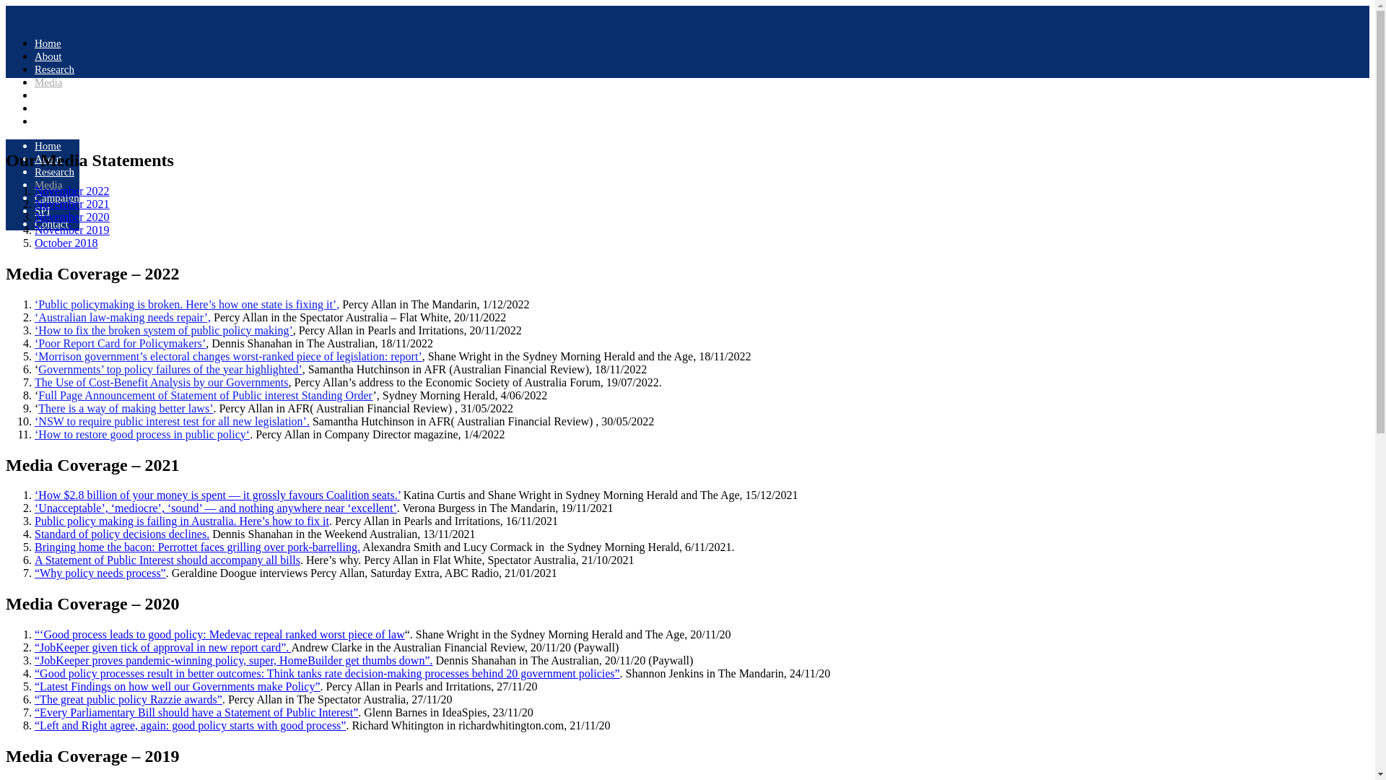  I want to click on 'Home', so click(48, 43).